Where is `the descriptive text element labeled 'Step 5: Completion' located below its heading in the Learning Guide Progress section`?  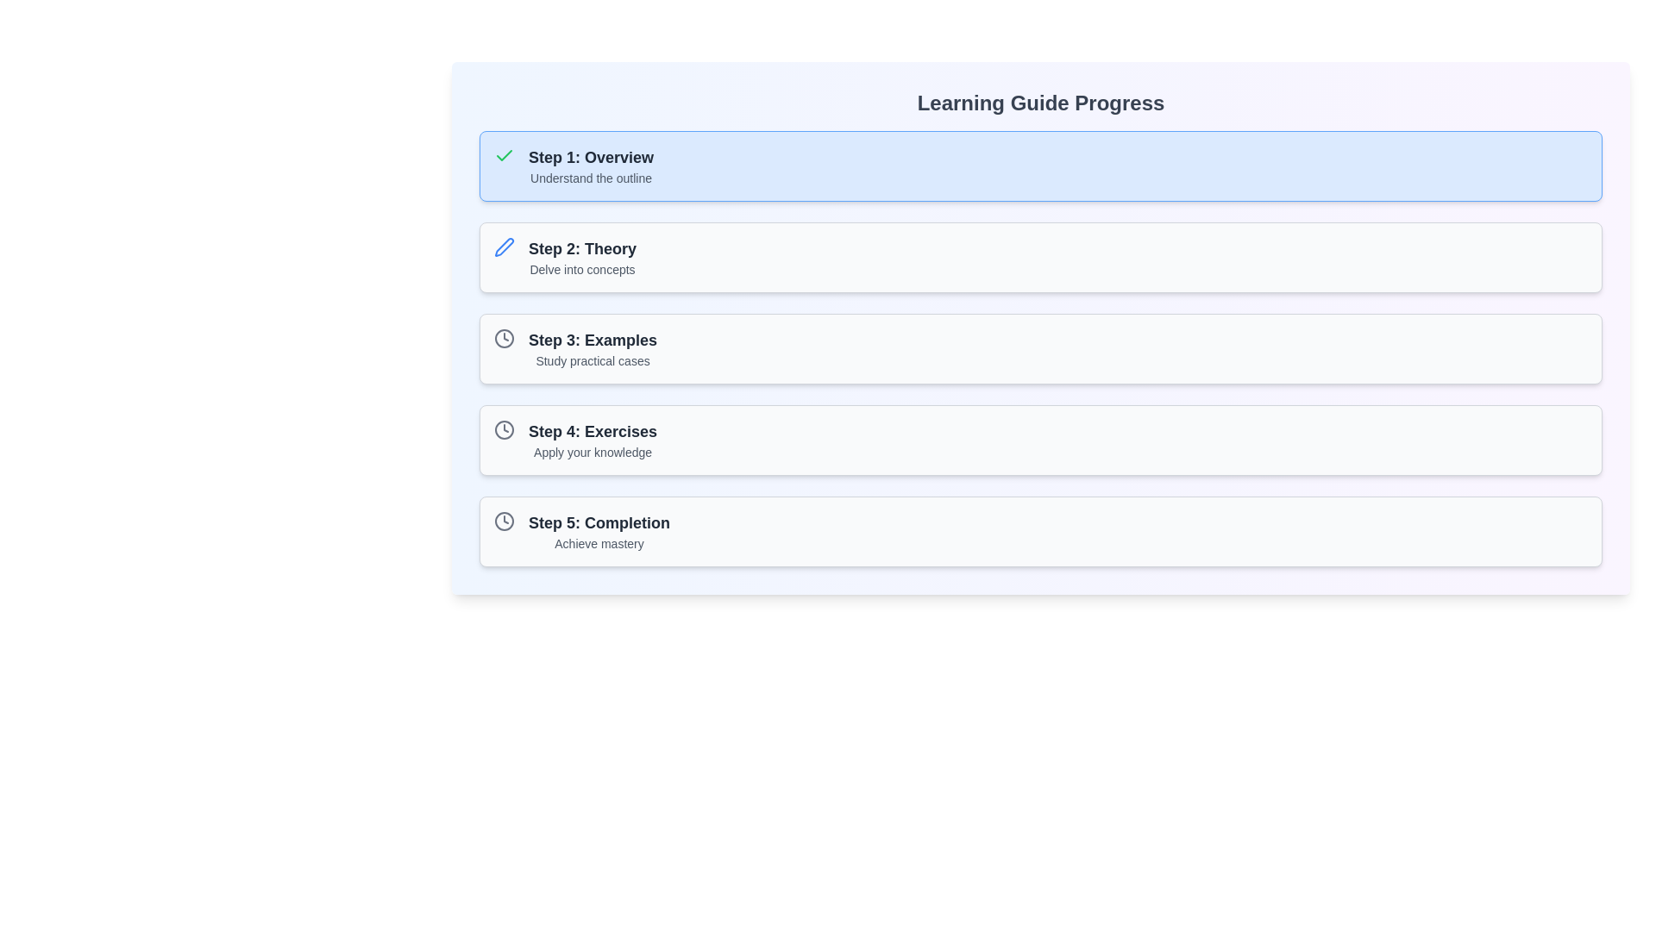
the descriptive text element labeled 'Step 5: Completion' located below its heading in the Learning Guide Progress section is located at coordinates (599, 544).